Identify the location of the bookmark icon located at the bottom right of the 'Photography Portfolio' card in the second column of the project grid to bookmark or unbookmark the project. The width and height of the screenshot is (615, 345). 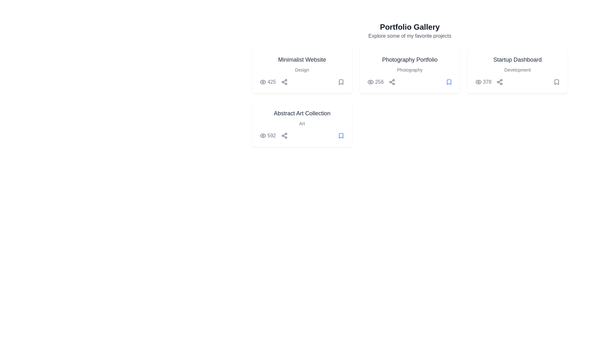
(448, 82).